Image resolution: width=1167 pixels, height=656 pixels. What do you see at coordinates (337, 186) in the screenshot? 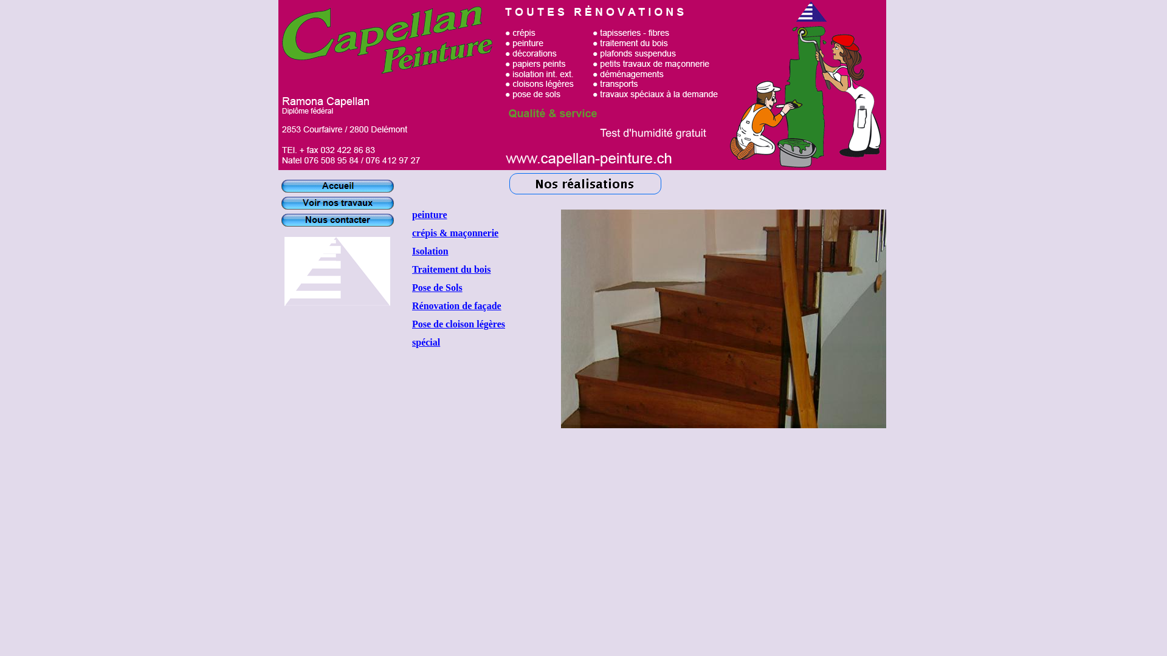
I see `'Accueil'` at bounding box center [337, 186].